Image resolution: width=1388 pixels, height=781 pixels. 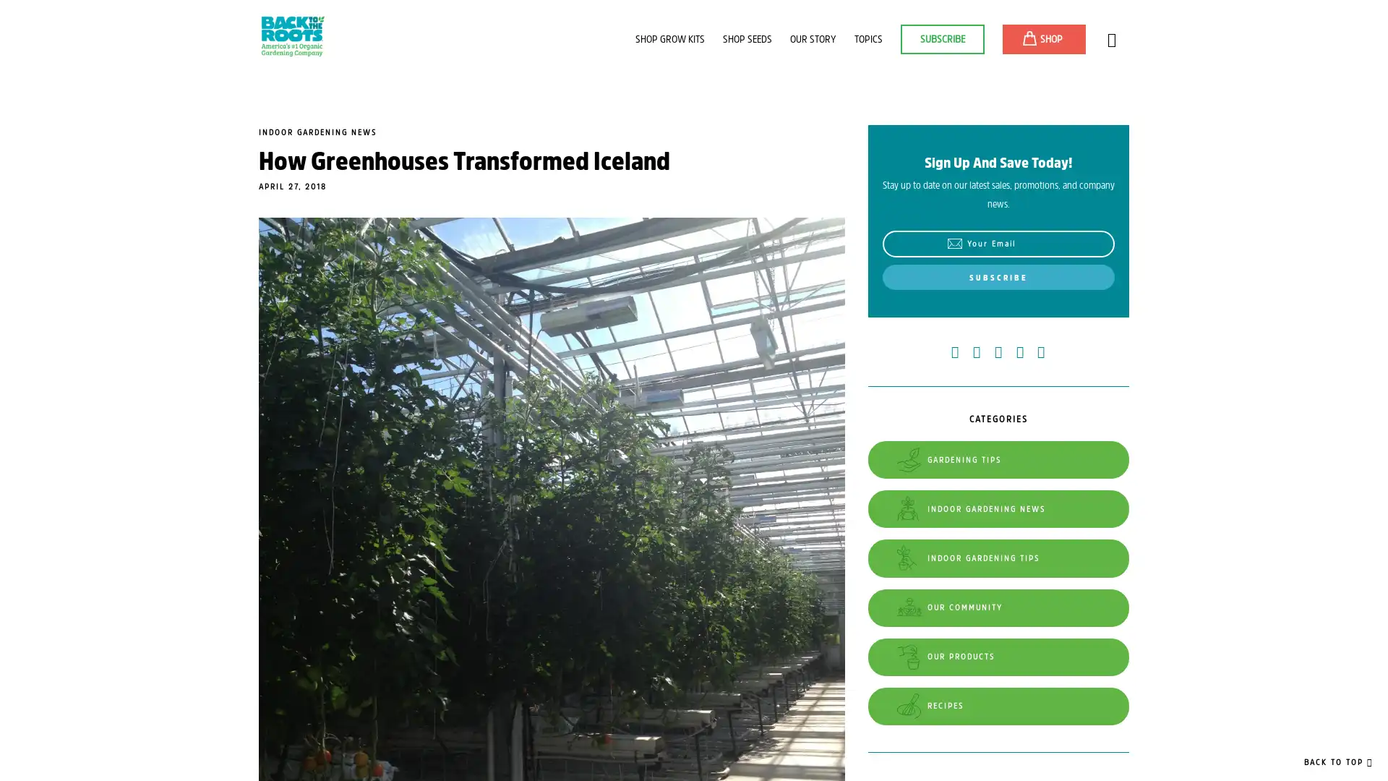 I want to click on SUBSCRIBE, so click(x=997, y=276).